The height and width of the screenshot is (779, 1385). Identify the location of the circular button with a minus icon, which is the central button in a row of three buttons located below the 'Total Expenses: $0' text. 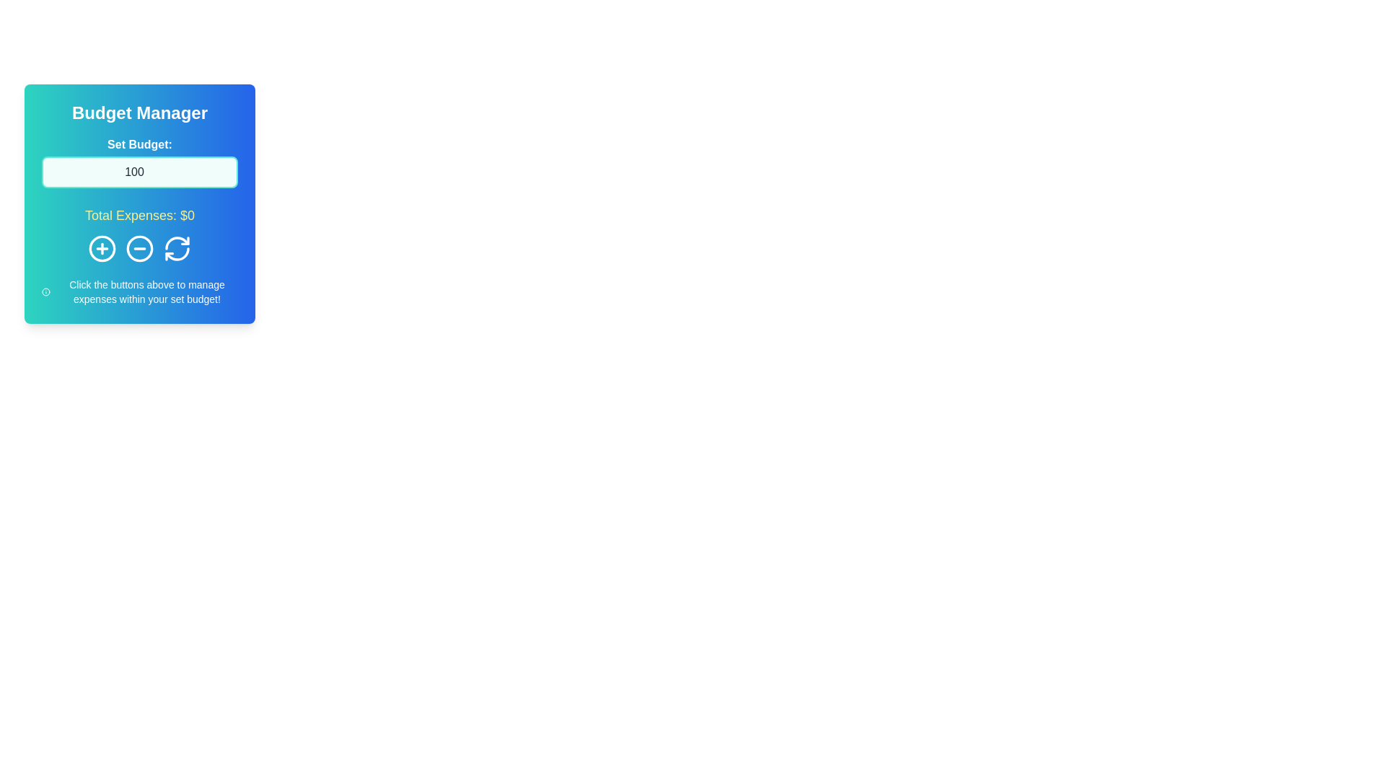
(139, 247).